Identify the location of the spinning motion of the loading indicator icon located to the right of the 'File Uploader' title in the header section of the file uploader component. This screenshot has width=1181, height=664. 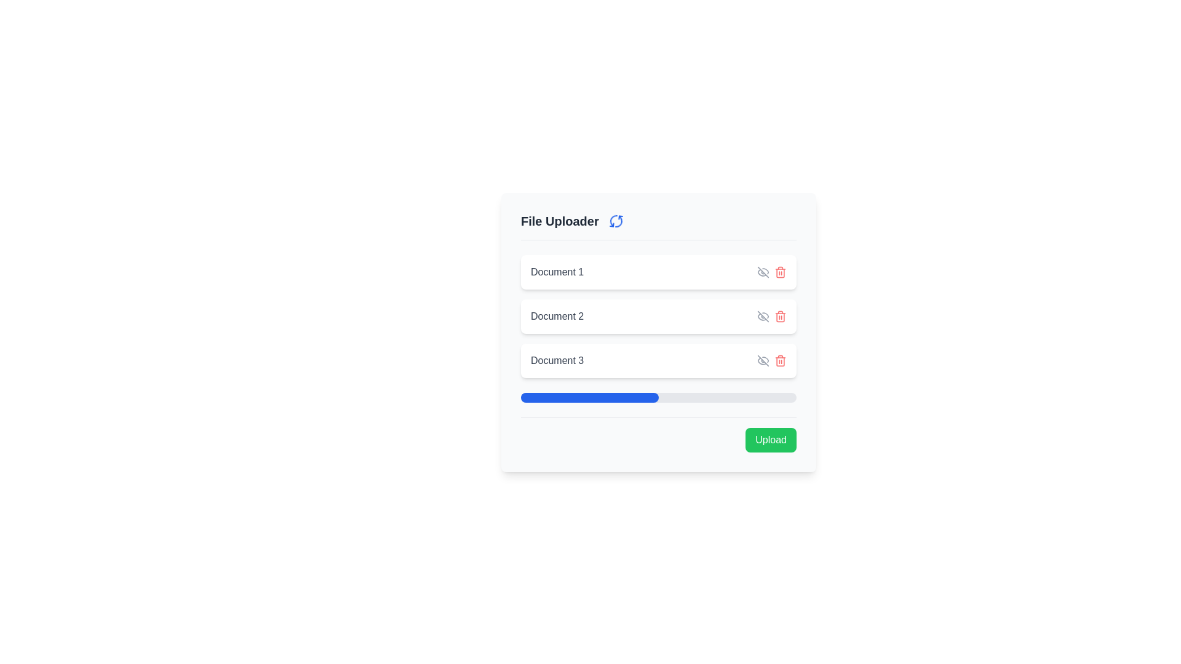
(616, 220).